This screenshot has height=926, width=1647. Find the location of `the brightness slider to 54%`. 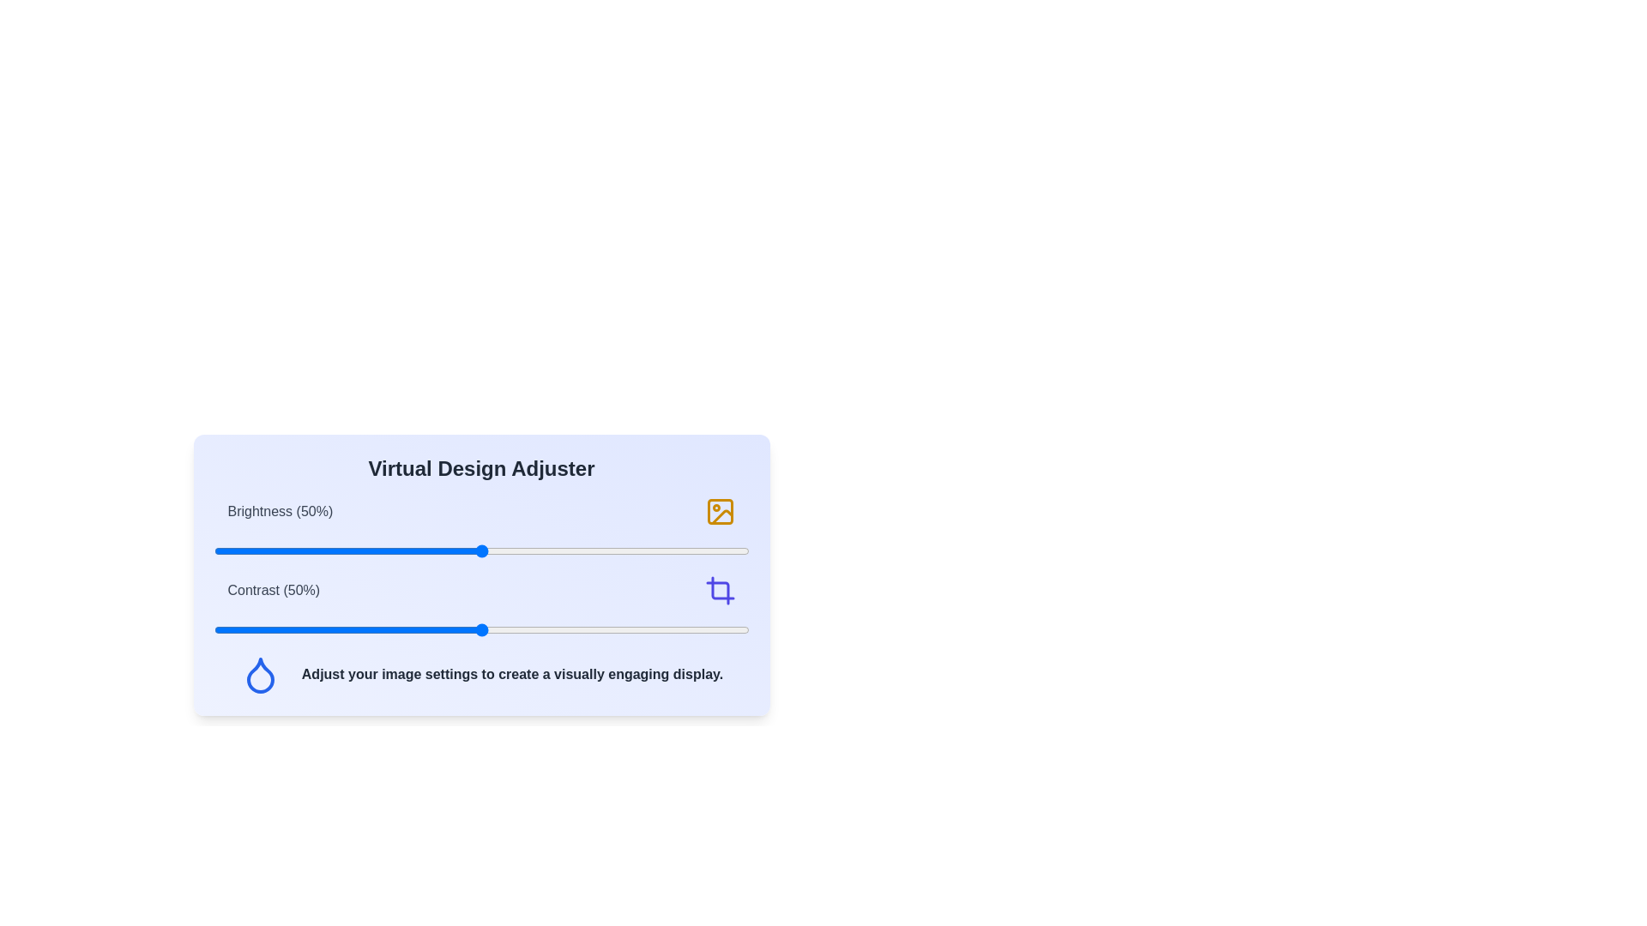

the brightness slider to 54% is located at coordinates (502, 551).